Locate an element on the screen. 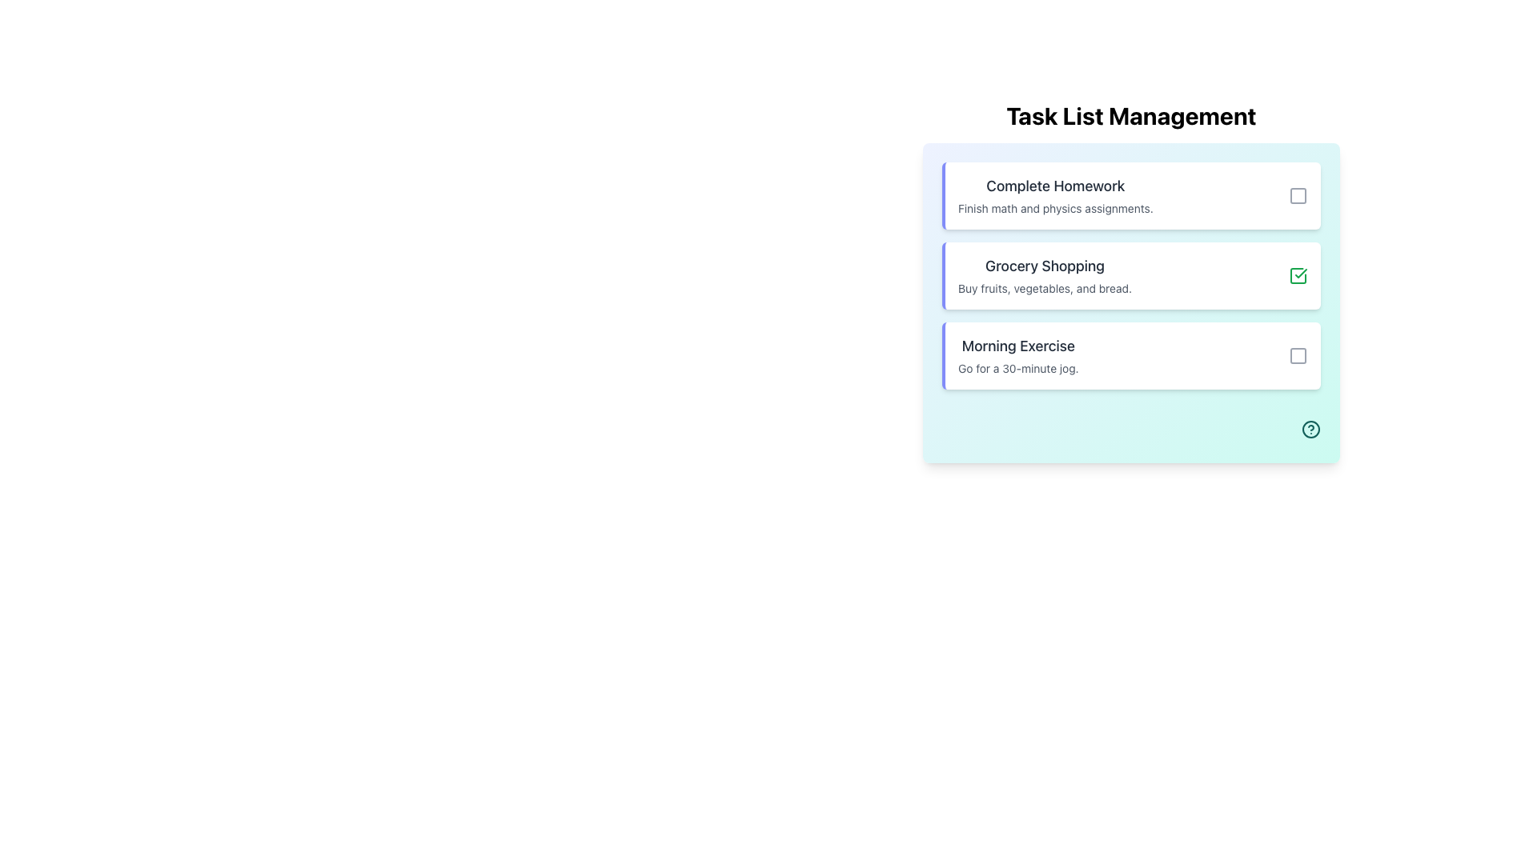 The width and height of the screenshot is (1537, 864). the header title text element that indicates the section's purpose for the task list application is located at coordinates (1130, 115).